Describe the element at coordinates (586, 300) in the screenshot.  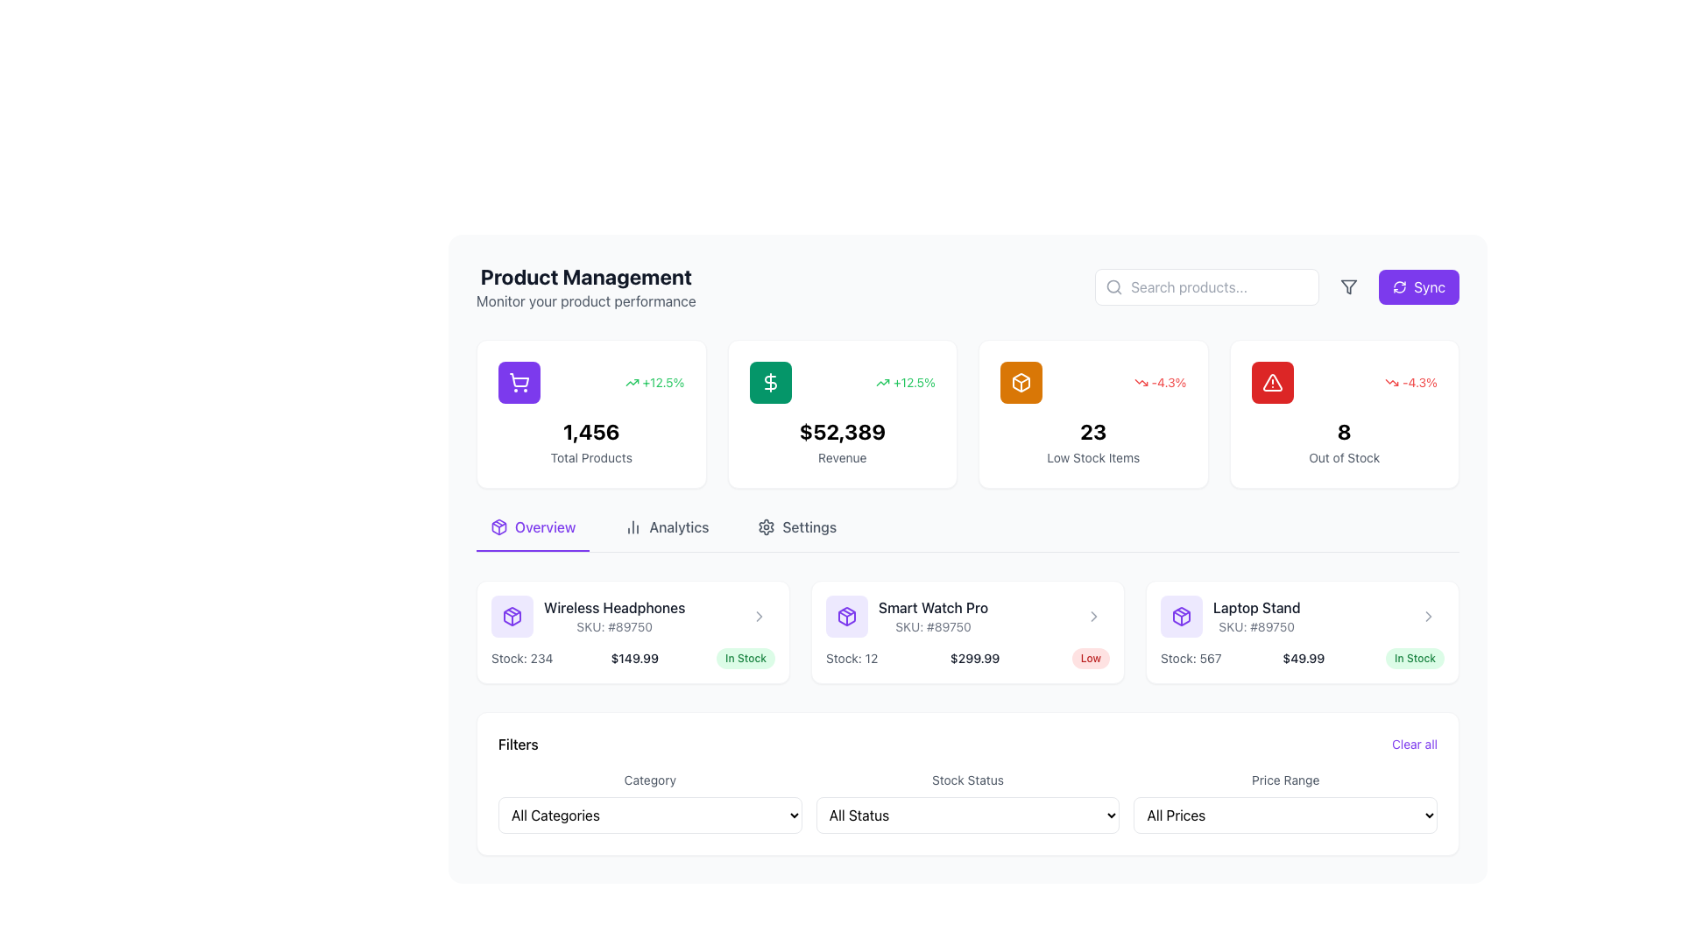
I see `the static text label that reads 'Monitor your product performance', which is styled in gray and serves as a subtitle under 'Product Management'` at that location.